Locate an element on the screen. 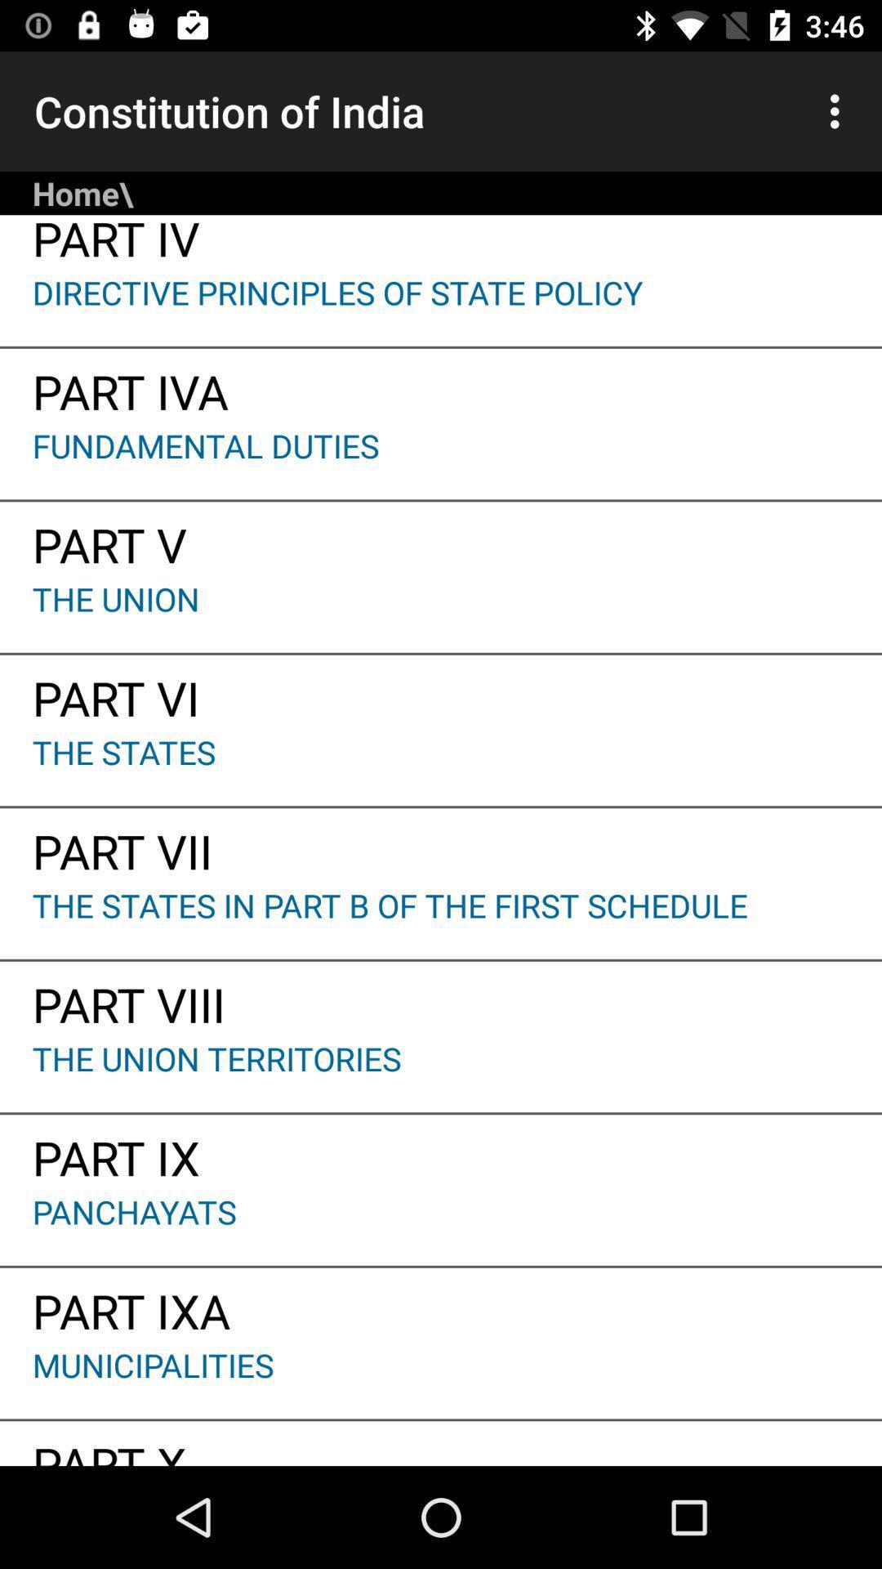  directive principles of item is located at coordinates (441, 308).